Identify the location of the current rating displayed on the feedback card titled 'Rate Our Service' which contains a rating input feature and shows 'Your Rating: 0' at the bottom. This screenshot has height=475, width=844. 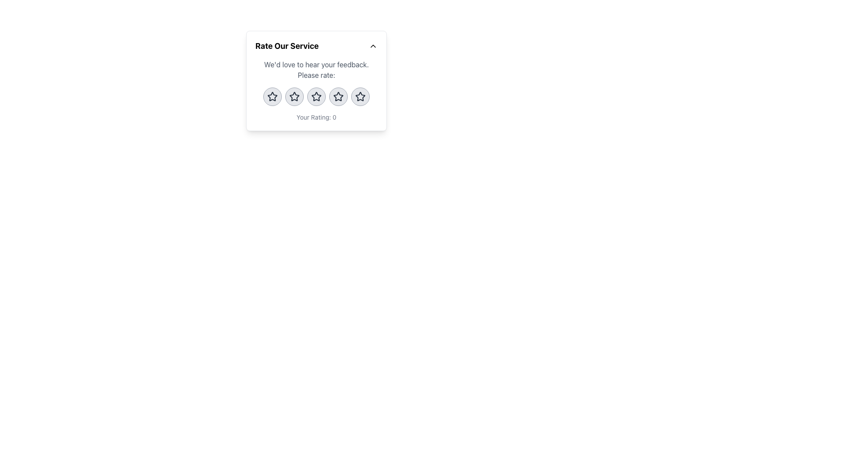
(316, 81).